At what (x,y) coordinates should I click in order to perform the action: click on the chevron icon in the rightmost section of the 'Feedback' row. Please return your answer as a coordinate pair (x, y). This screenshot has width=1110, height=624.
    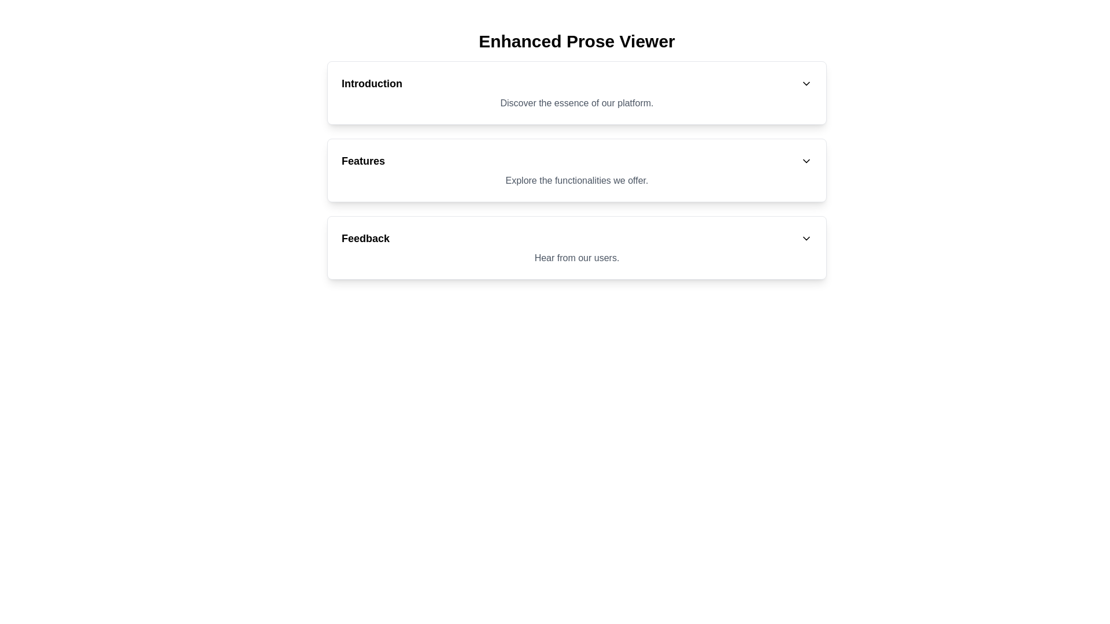
    Looking at the image, I should click on (806, 237).